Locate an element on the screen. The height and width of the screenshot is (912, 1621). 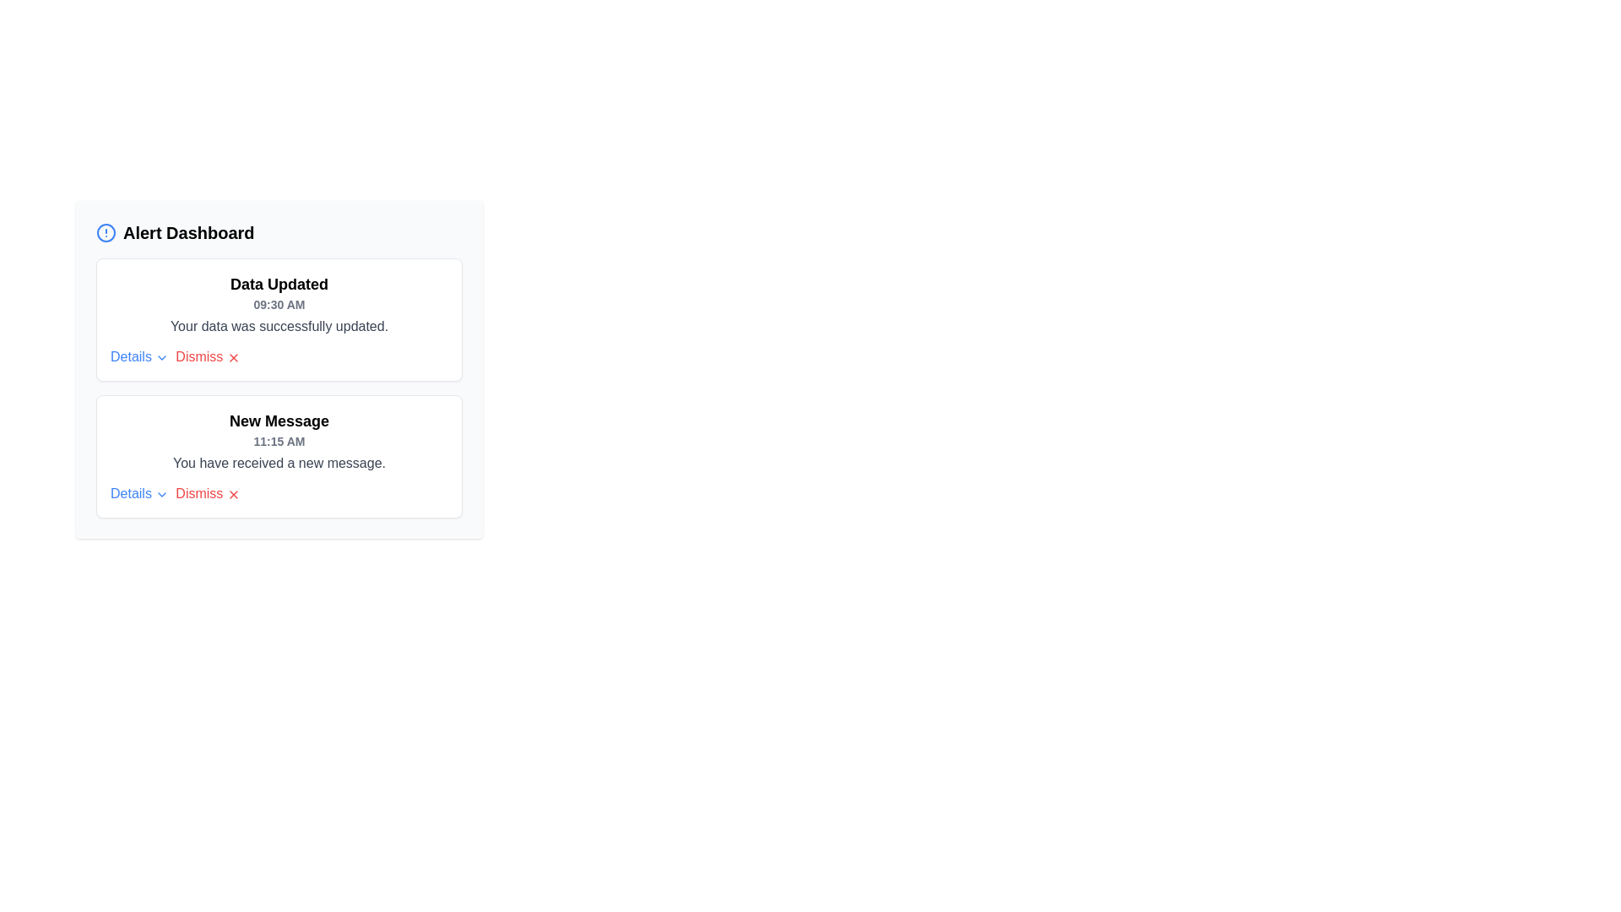
the static text element displaying 'New Message' with the timestamp '11:15 AM', which is positioned in the notification card above the text 'You have received a new message.' is located at coordinates (279, 429).